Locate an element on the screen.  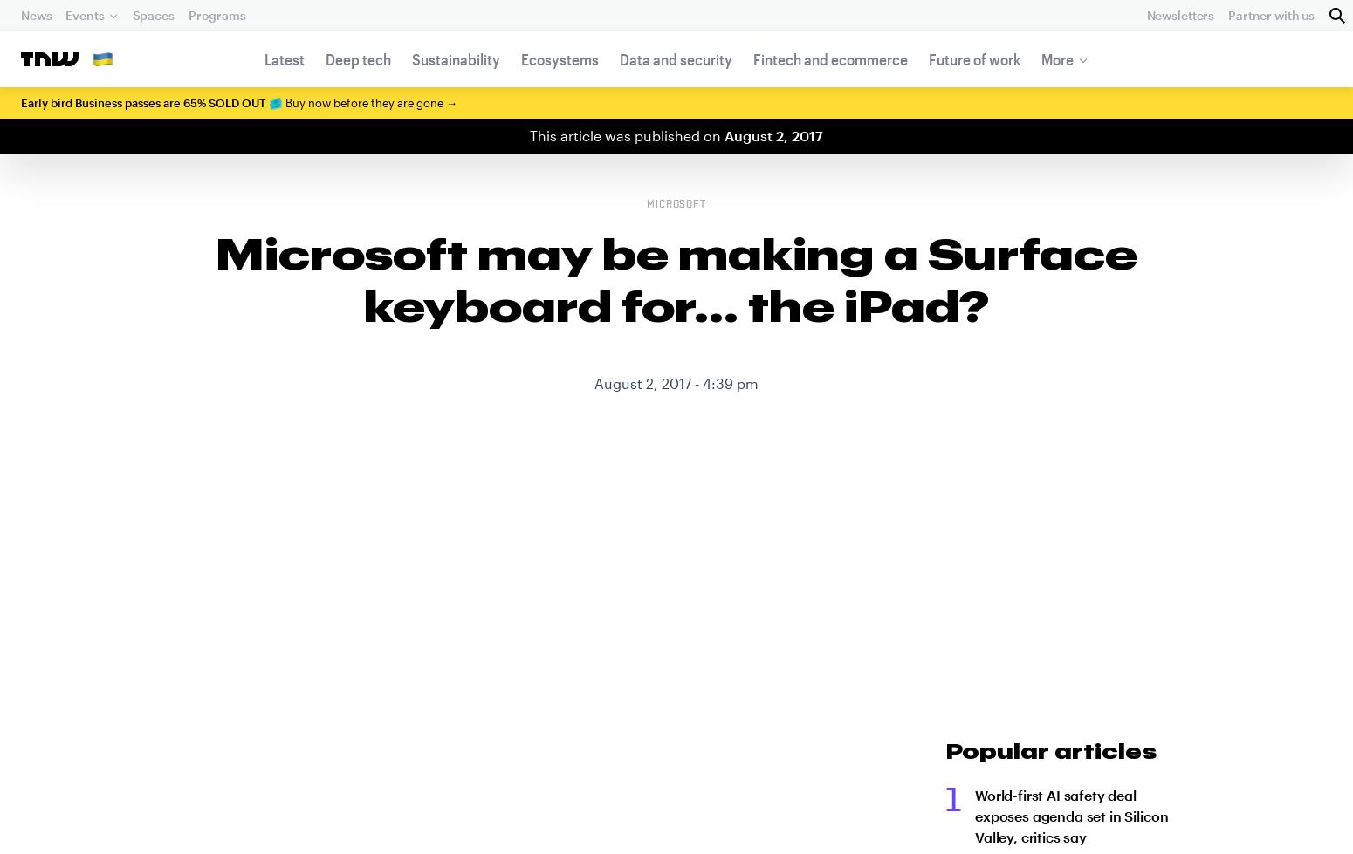
'This article was published on' is located at coordinates (627, 135).